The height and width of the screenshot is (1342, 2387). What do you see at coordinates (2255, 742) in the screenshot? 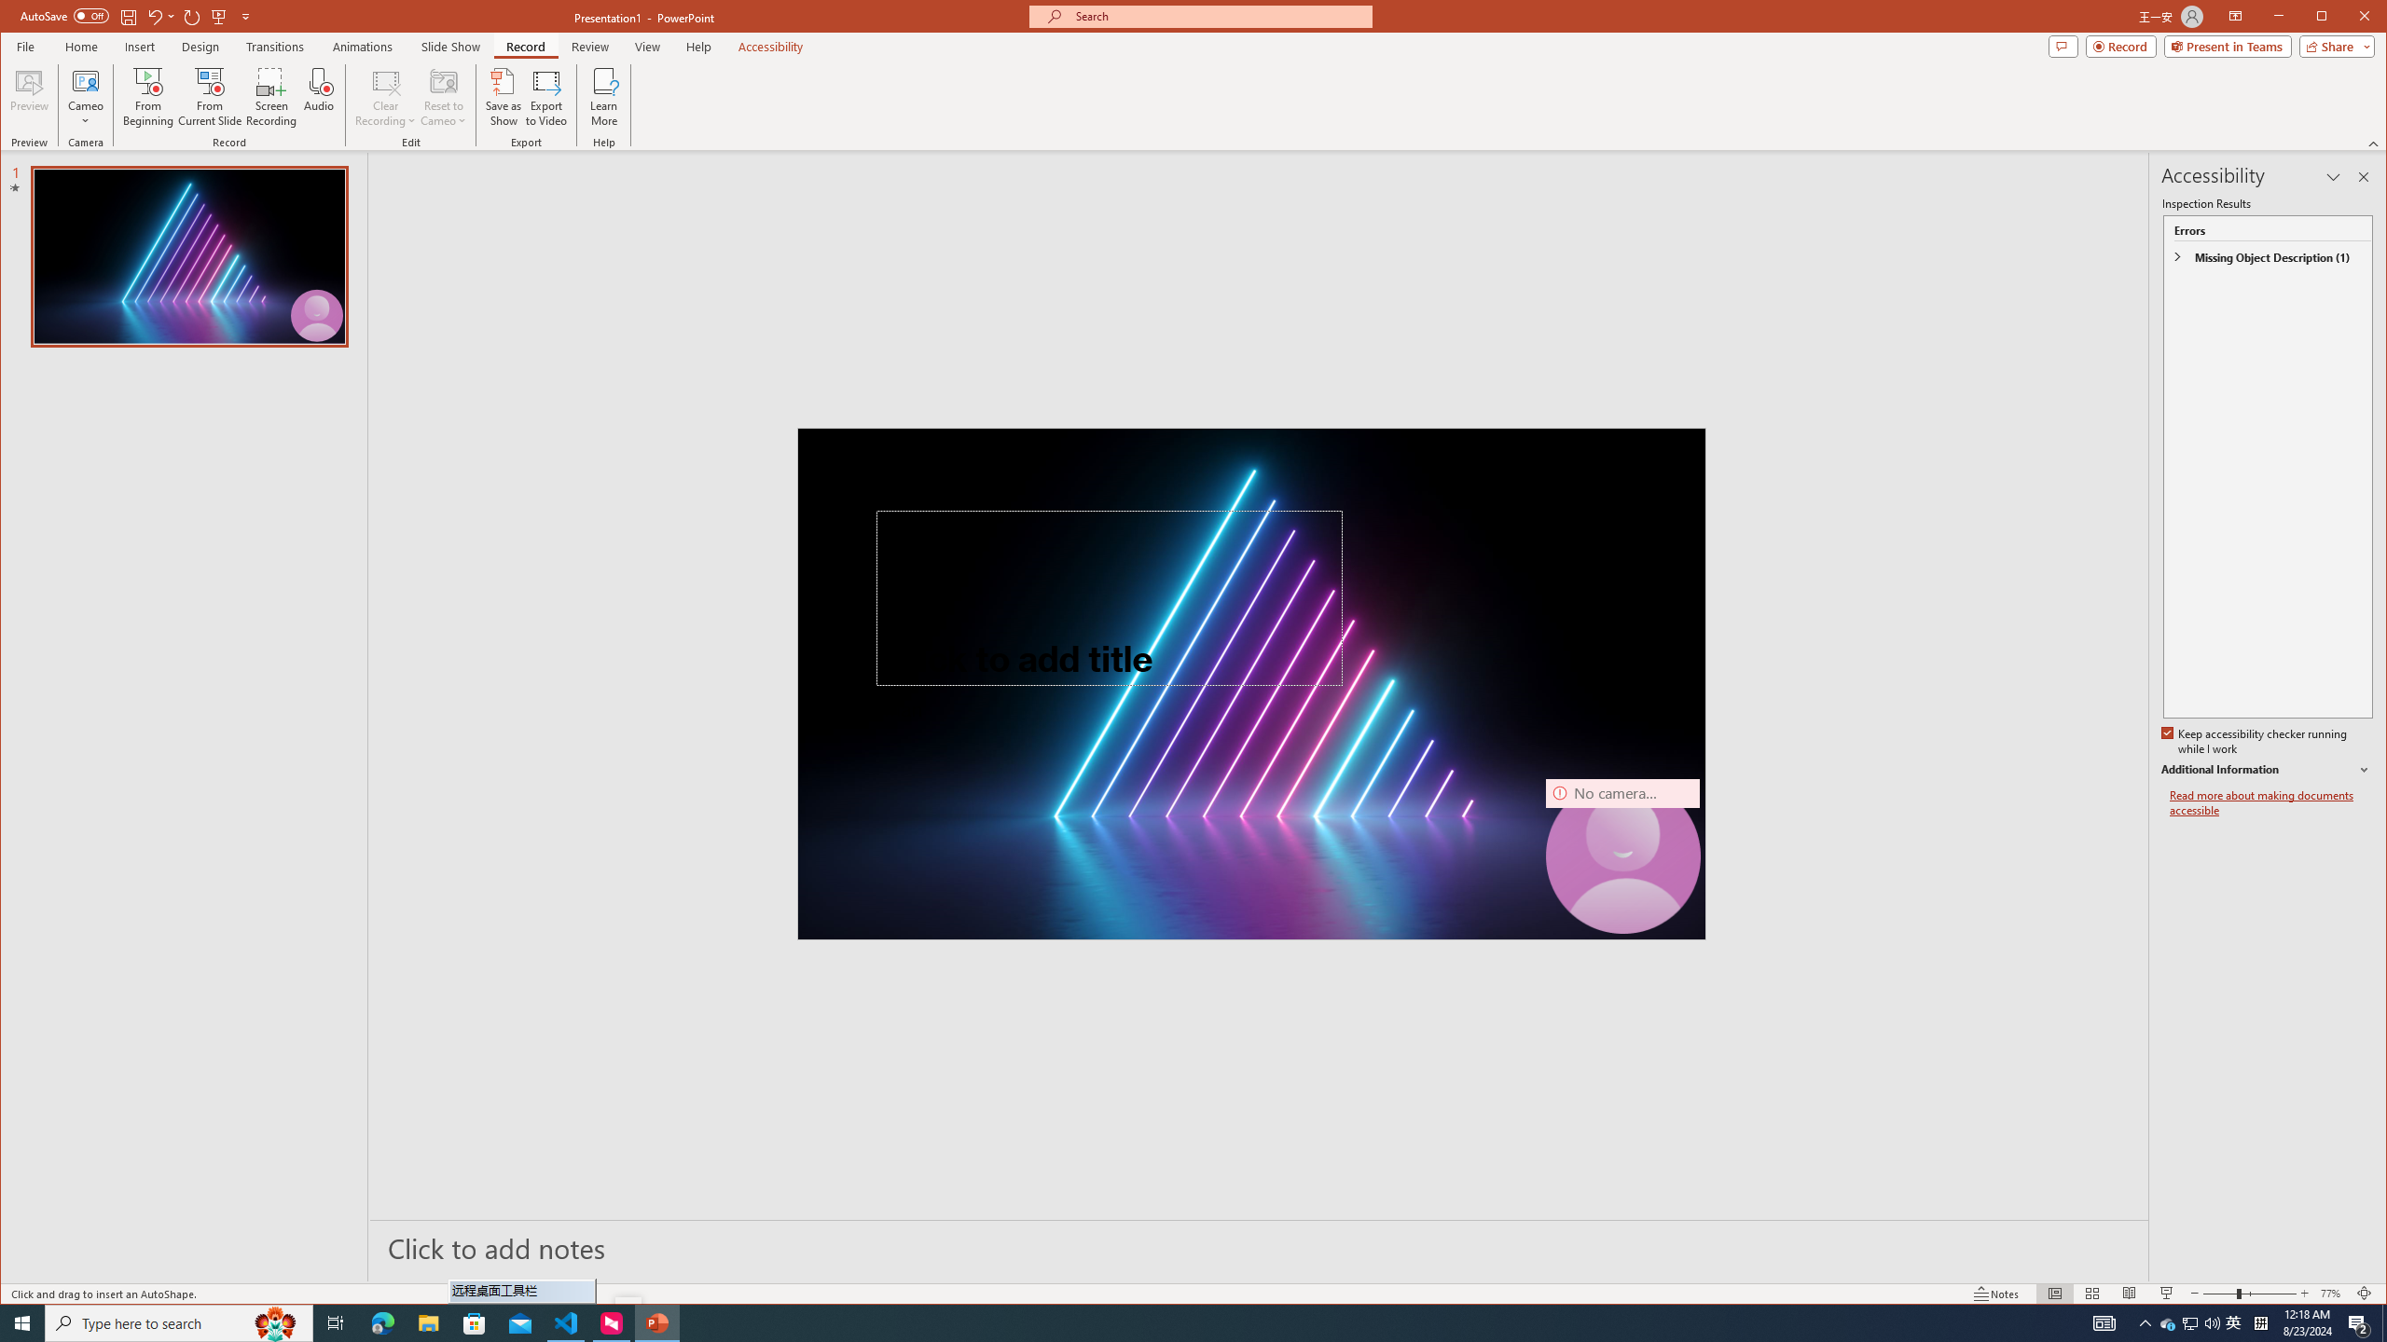
I see `'Keep accessibility checker running while I work'` at bounding box center [2255, 742].